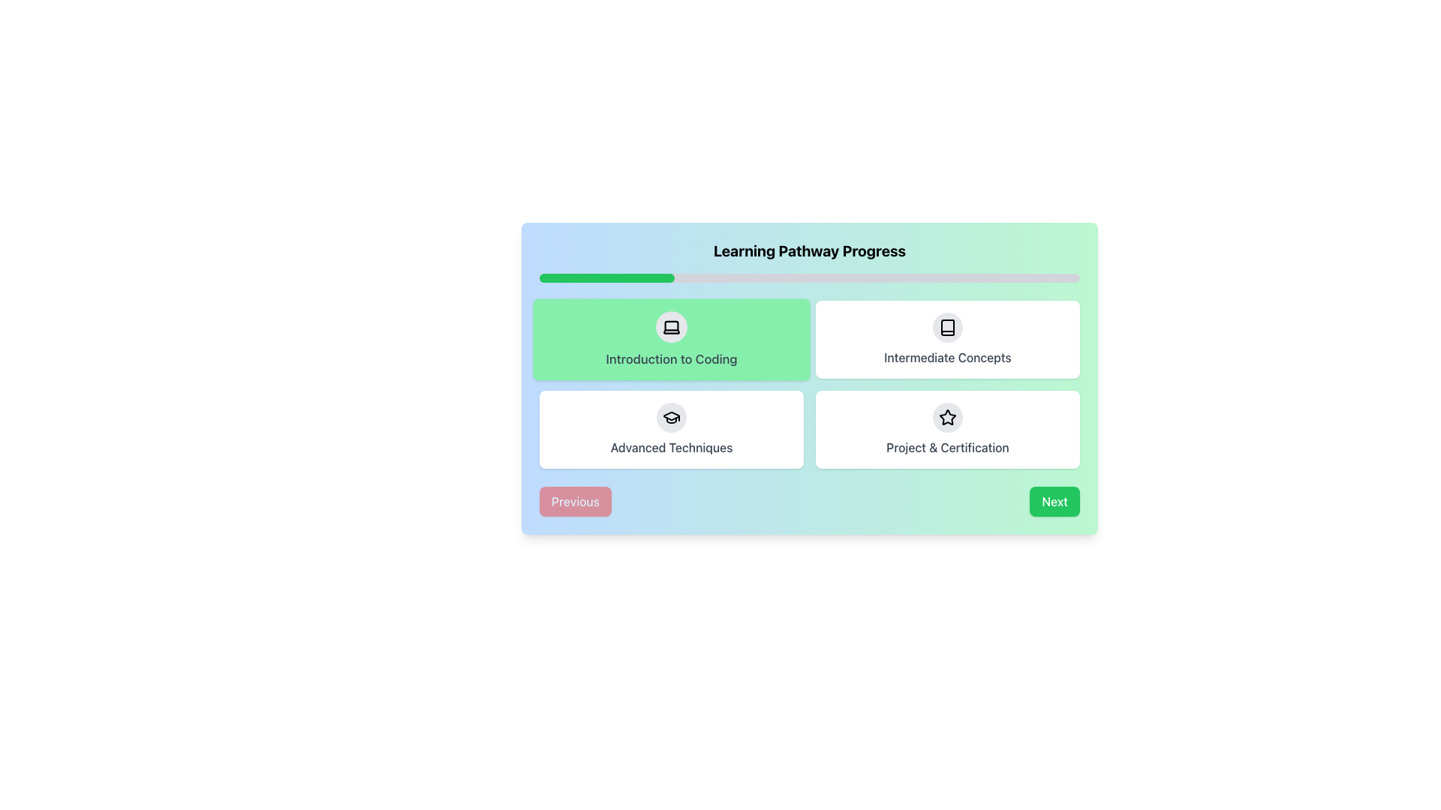 The image size is (1441, 810). What do you see at coordinates (670, 325) in the screenshot?
I see `the small circular Icon Button featuring a laptop icon, located in the center-top region of the green section labeled 'Introduction to Coding'` at bounding box center [670, 325].